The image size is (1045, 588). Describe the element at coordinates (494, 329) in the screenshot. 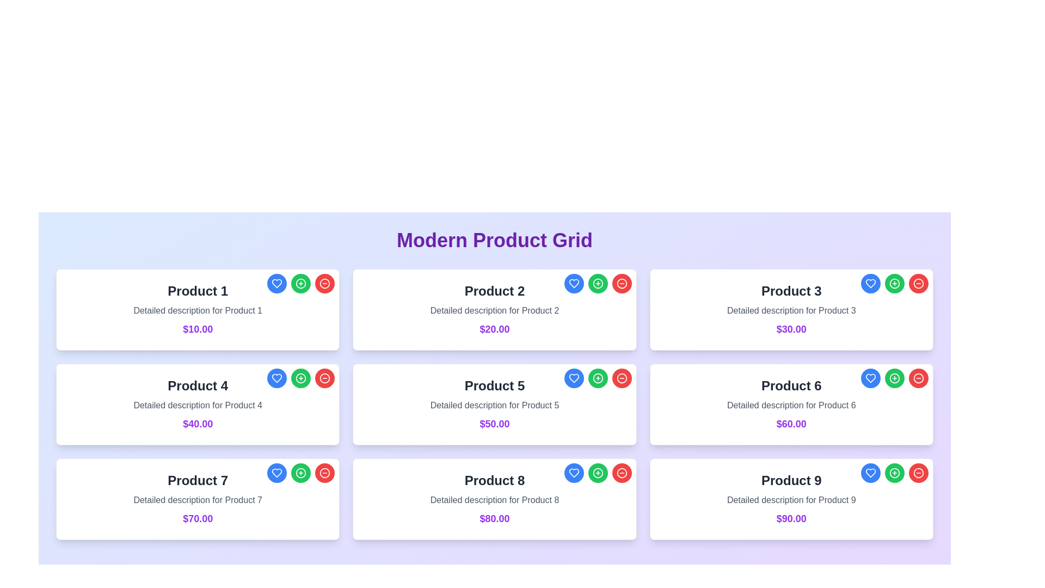

I see `the price text label located in the second card of the grid layout, positioned below the 'Detailed description for Product 2' and above the action buttons` at that location.